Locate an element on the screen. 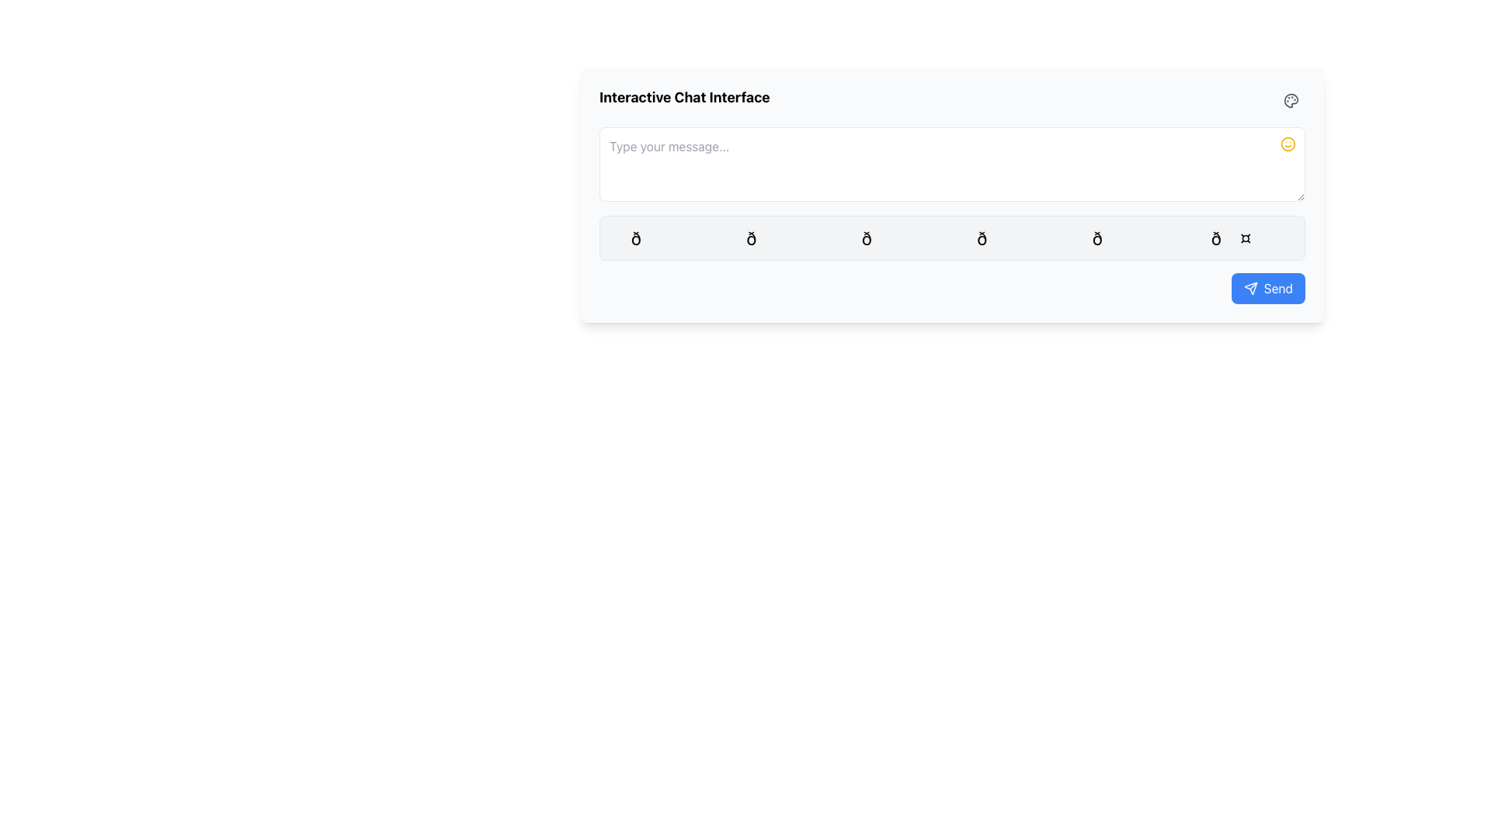 The image size is (1491, 838). the smiley face icon button located in the top-right corner of the text input box is located at coordinates (1288, 144).